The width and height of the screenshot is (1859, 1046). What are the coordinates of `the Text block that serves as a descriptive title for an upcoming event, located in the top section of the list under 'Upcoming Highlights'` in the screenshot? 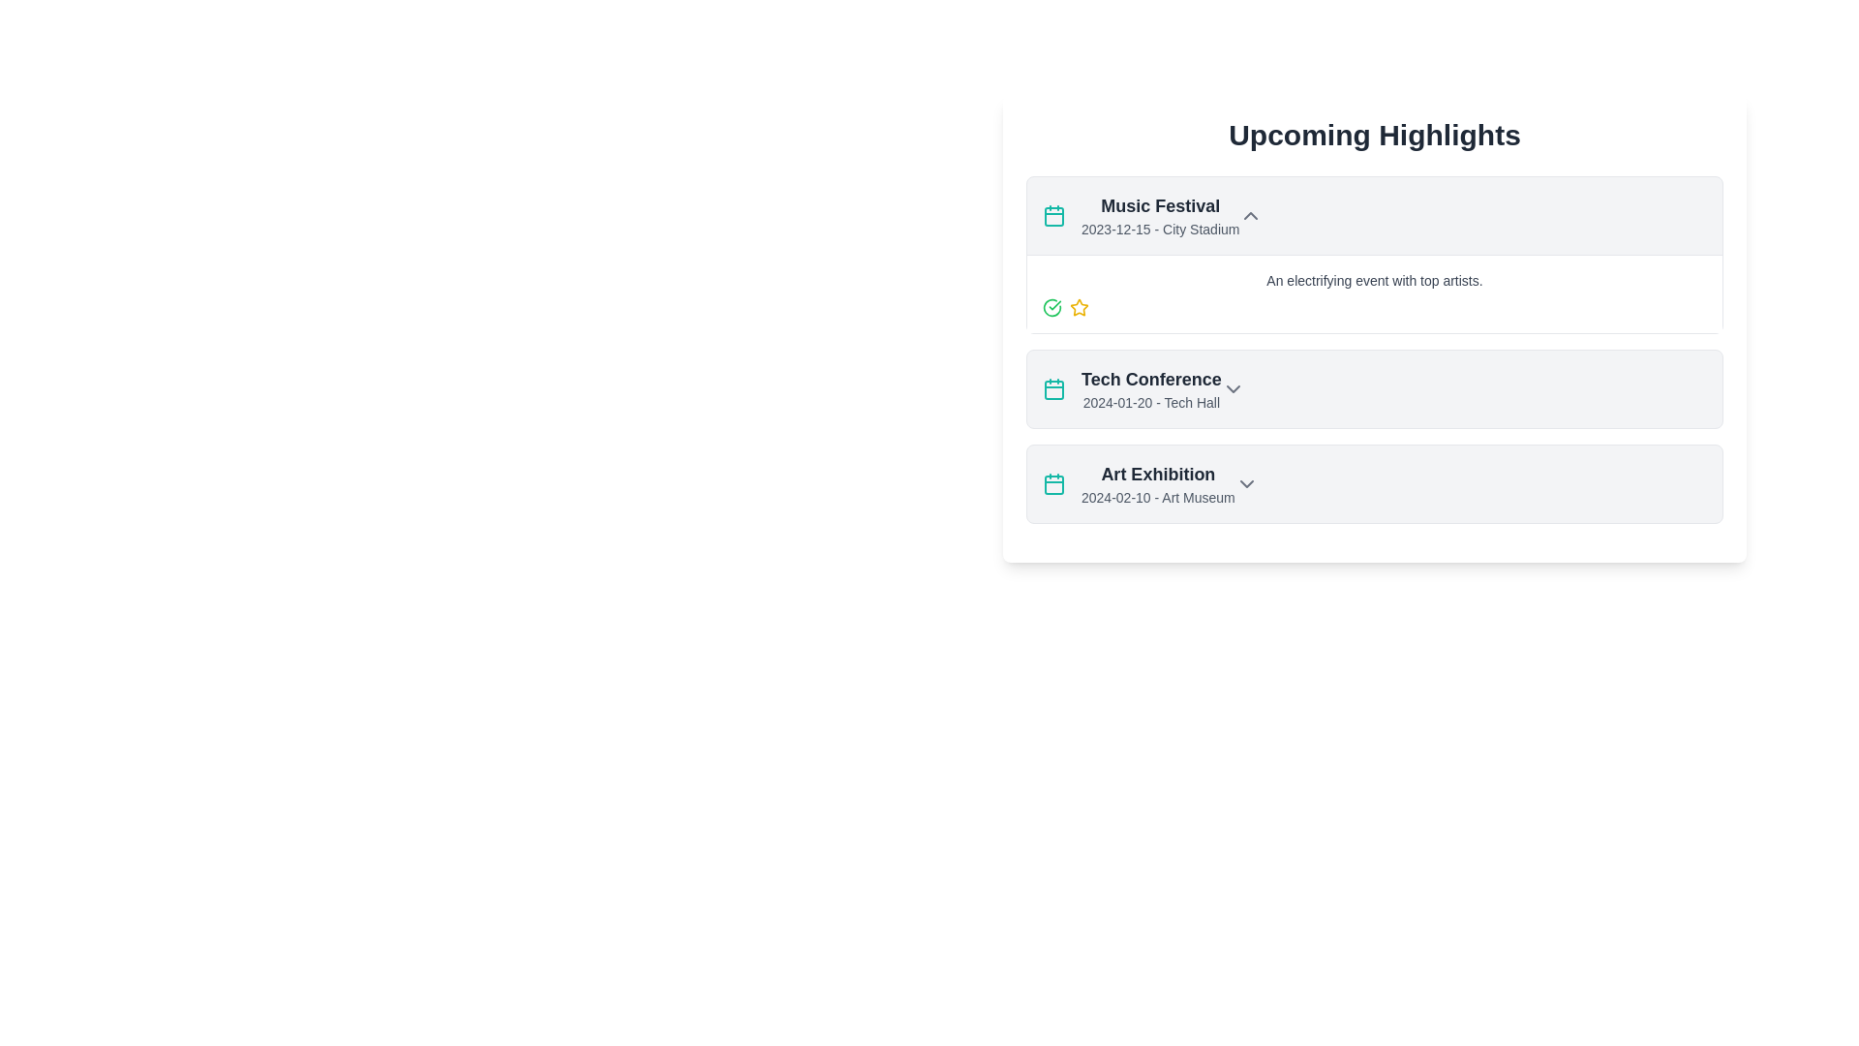 It's located at (1160, 216).